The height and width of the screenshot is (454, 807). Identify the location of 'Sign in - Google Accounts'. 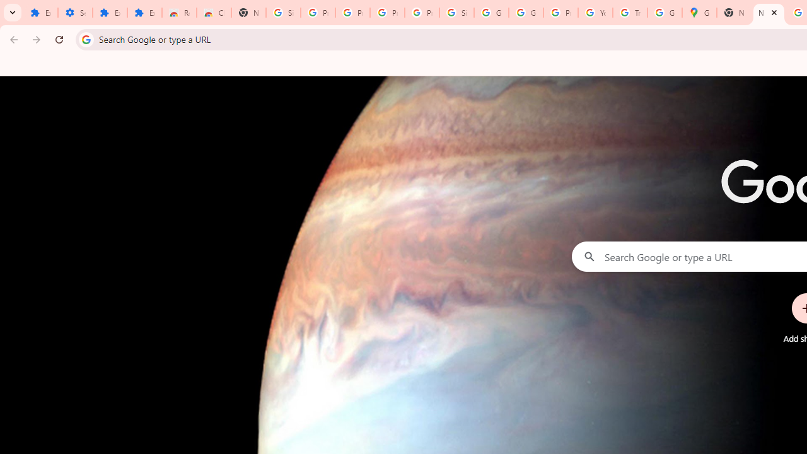
(456, 13).